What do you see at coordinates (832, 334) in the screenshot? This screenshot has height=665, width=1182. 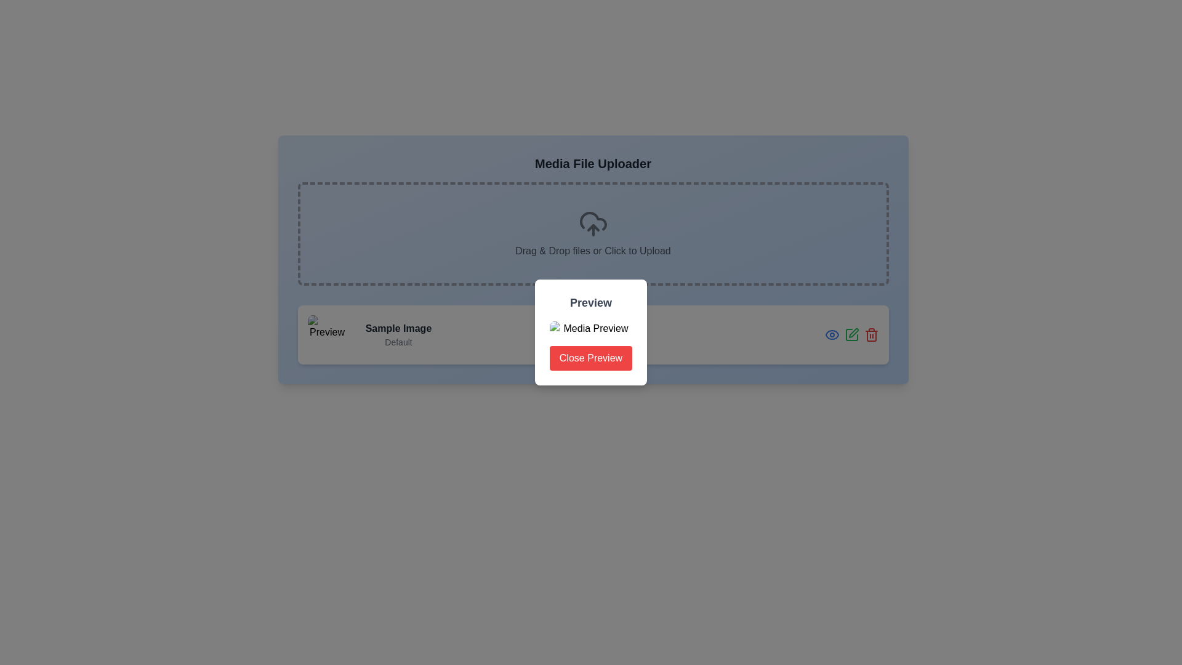 I see `the eye icon button located in the bottom-right corner of the interface` at bounding box center [832, 334].